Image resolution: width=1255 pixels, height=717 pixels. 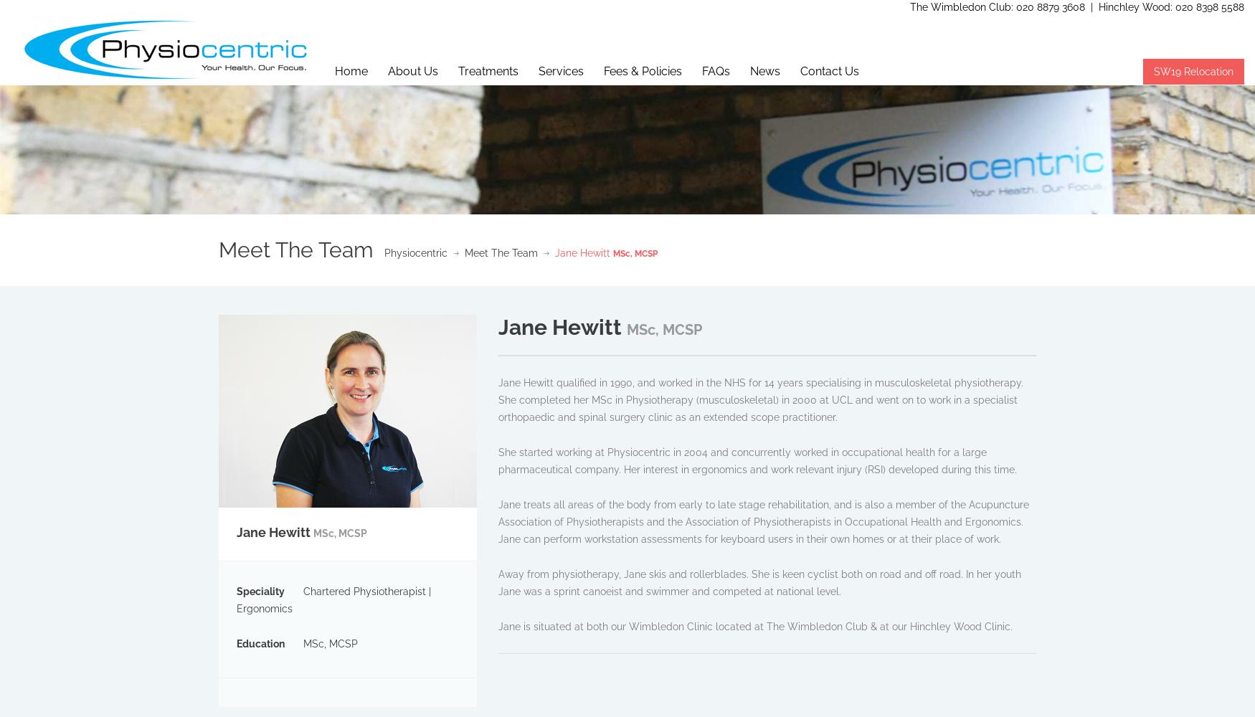 I want to click on 'Contact Us', so click(x=828, y=70).